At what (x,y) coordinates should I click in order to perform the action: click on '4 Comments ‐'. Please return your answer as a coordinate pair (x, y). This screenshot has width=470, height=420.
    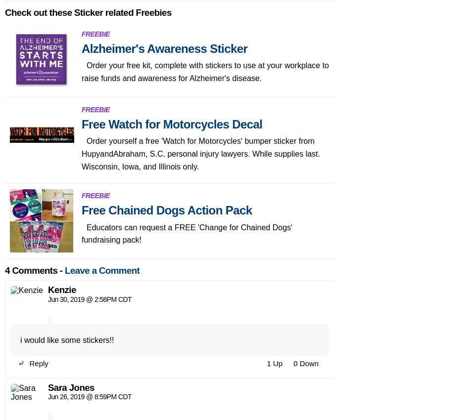
    Looking at the image, I should click on (35, 23).